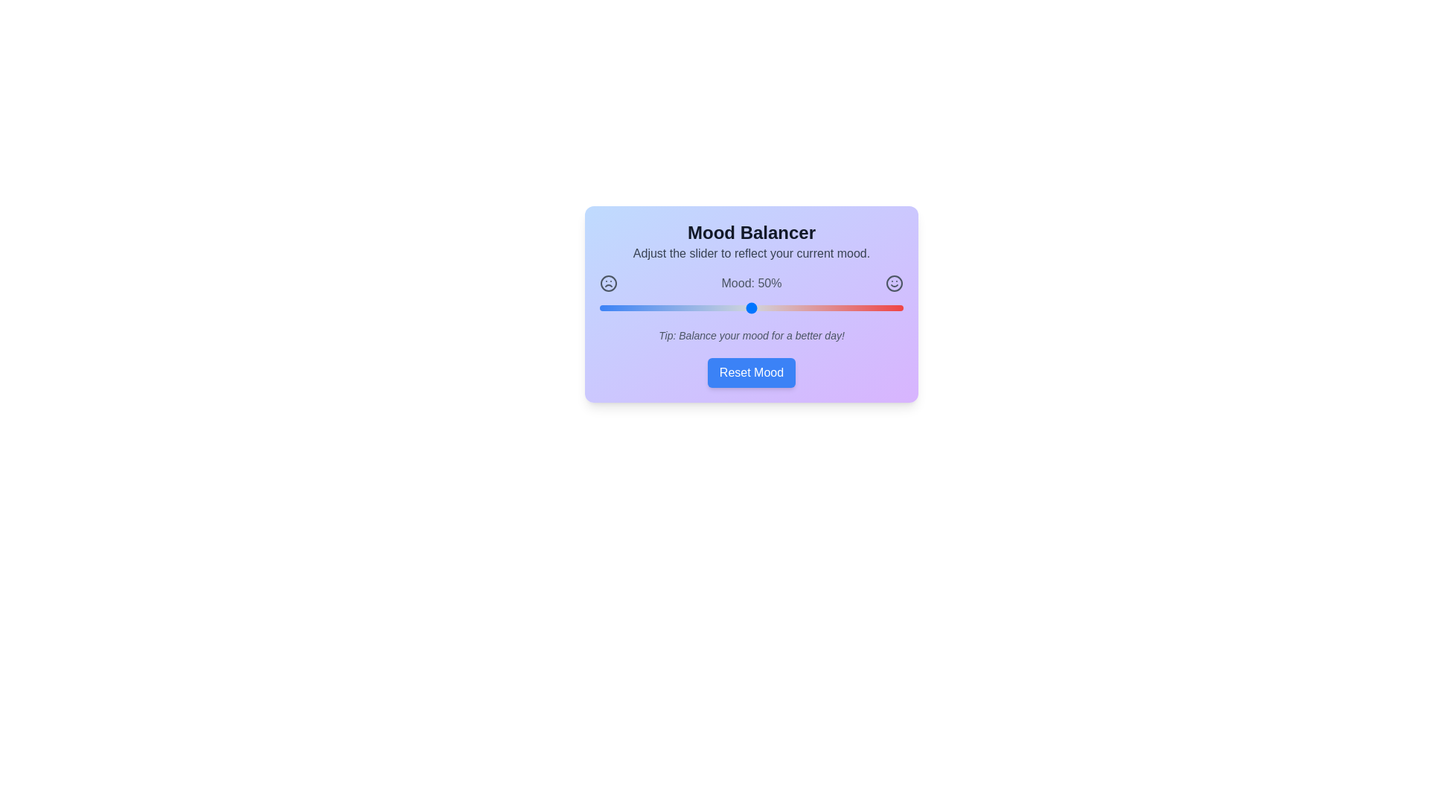  Describe the element at coordinates (651, 307) in the screenshot. I see `the mood slider to 17%` at that location.